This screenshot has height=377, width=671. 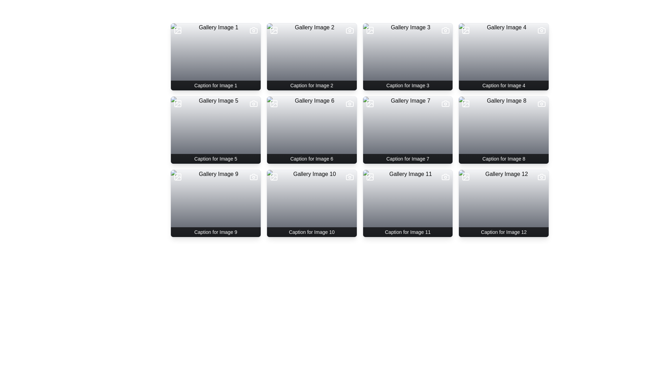 What do you see at coordinates (504, 130) in the screenshot?
I see `the Card with caption located in the fourth column and second row of the grid layout, which displays an image placeholder with a caption` at bounding box center [504, 130].